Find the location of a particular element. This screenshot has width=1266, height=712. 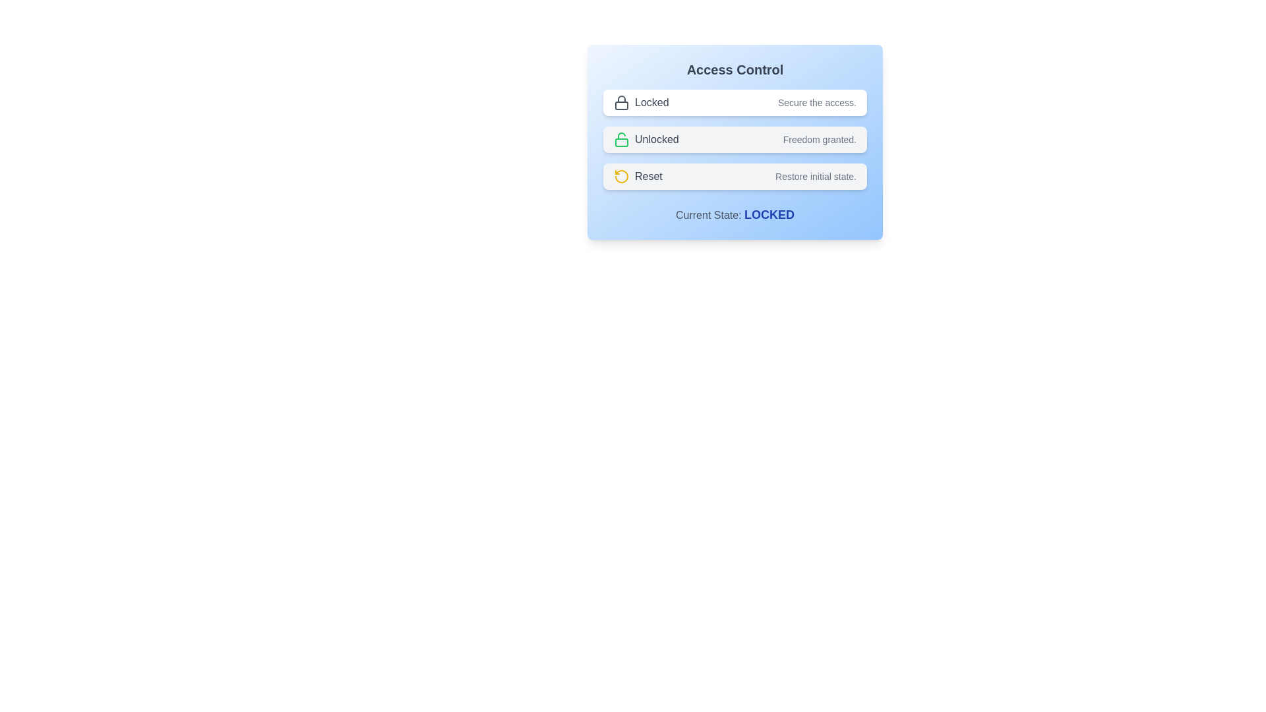

the button labeled Locked to observe its hover effect is located at coordinates (734, 102).